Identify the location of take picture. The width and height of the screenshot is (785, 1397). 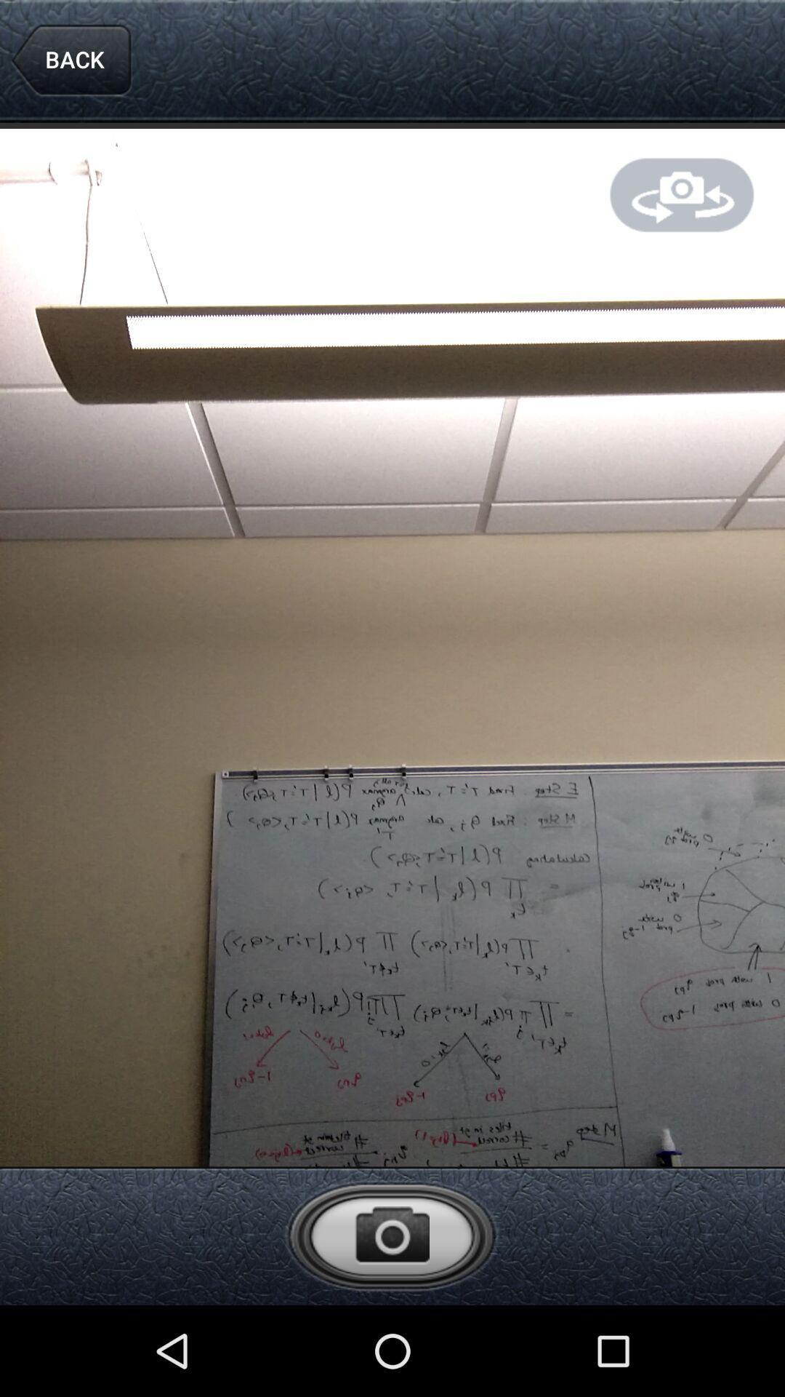
(391, 1235).